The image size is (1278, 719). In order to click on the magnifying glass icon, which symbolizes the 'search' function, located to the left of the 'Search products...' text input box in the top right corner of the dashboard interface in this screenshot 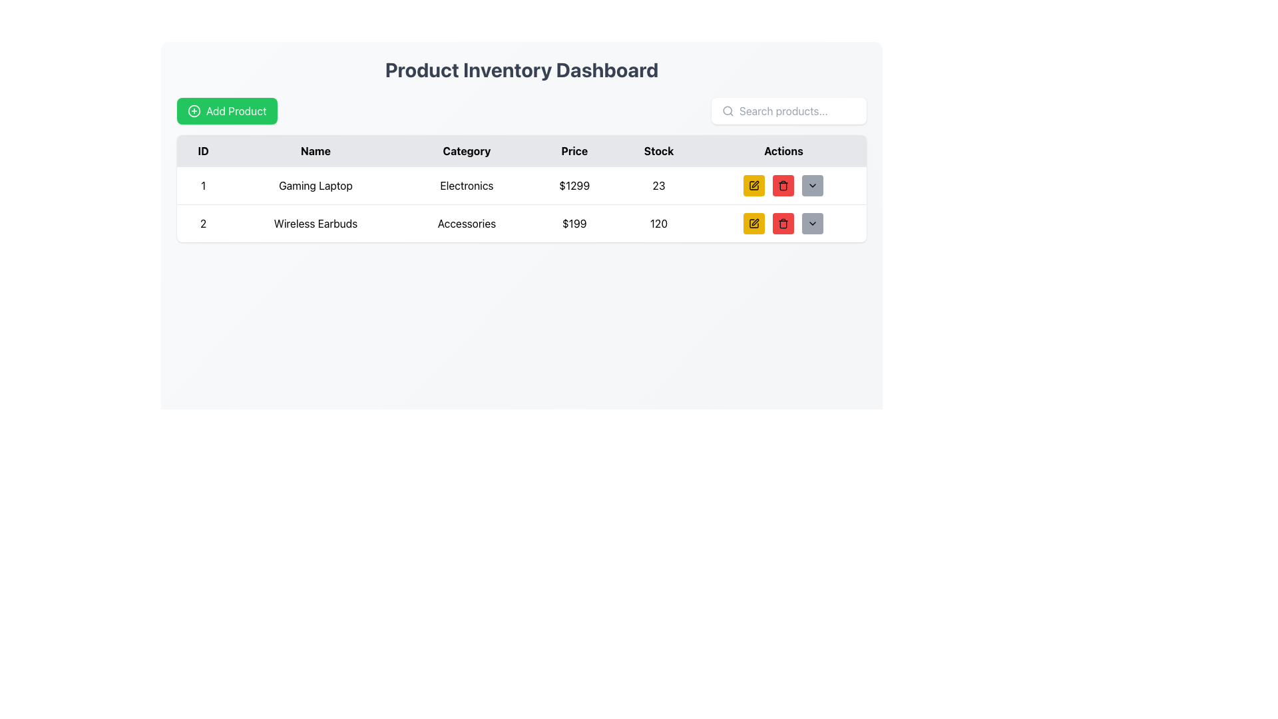, I will do `click(728, 110)`.